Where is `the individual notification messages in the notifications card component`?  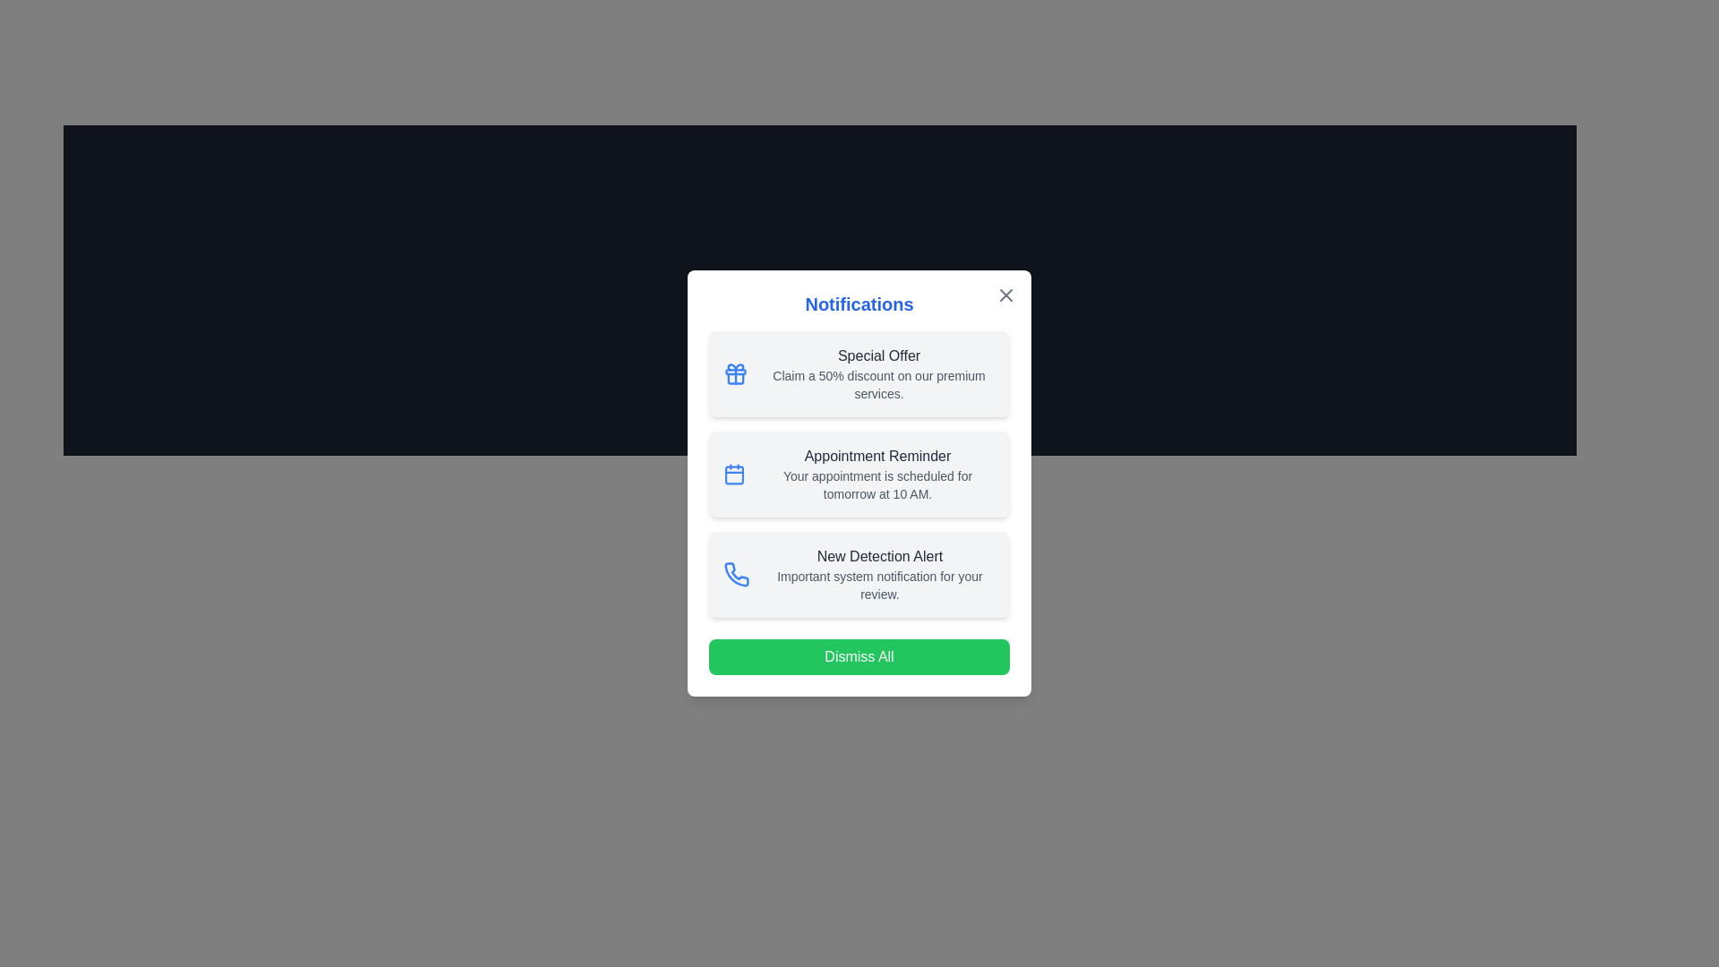
the individual notification messages in the notifications card component is located at coordinates (859, 483).